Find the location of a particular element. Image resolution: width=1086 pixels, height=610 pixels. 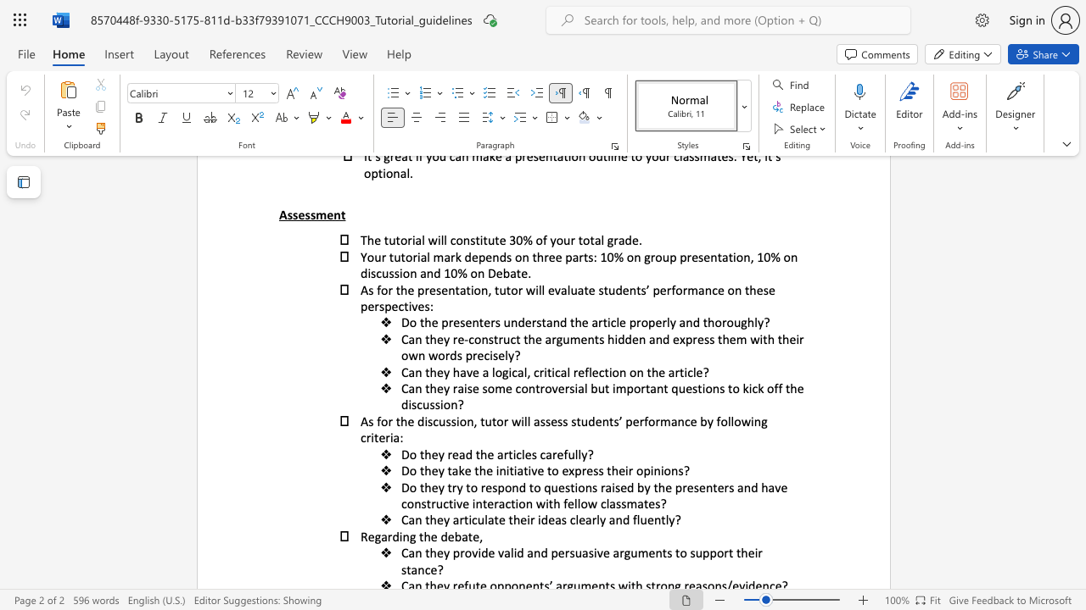

the subset text "discussion, tutor will assess students’ perf" within the text "As for the discussion, tutor will assess students’ performance by following criteria:" is located at coordinates (417, 420).